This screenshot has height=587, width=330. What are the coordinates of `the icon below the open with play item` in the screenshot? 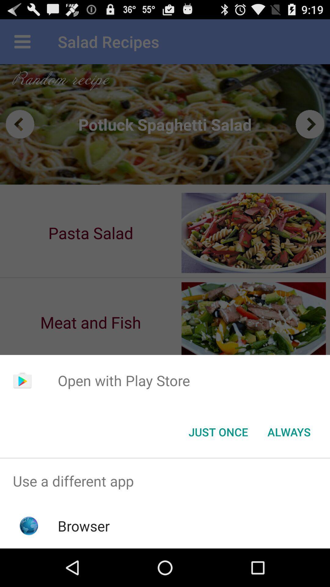 It's located at (218, 431).